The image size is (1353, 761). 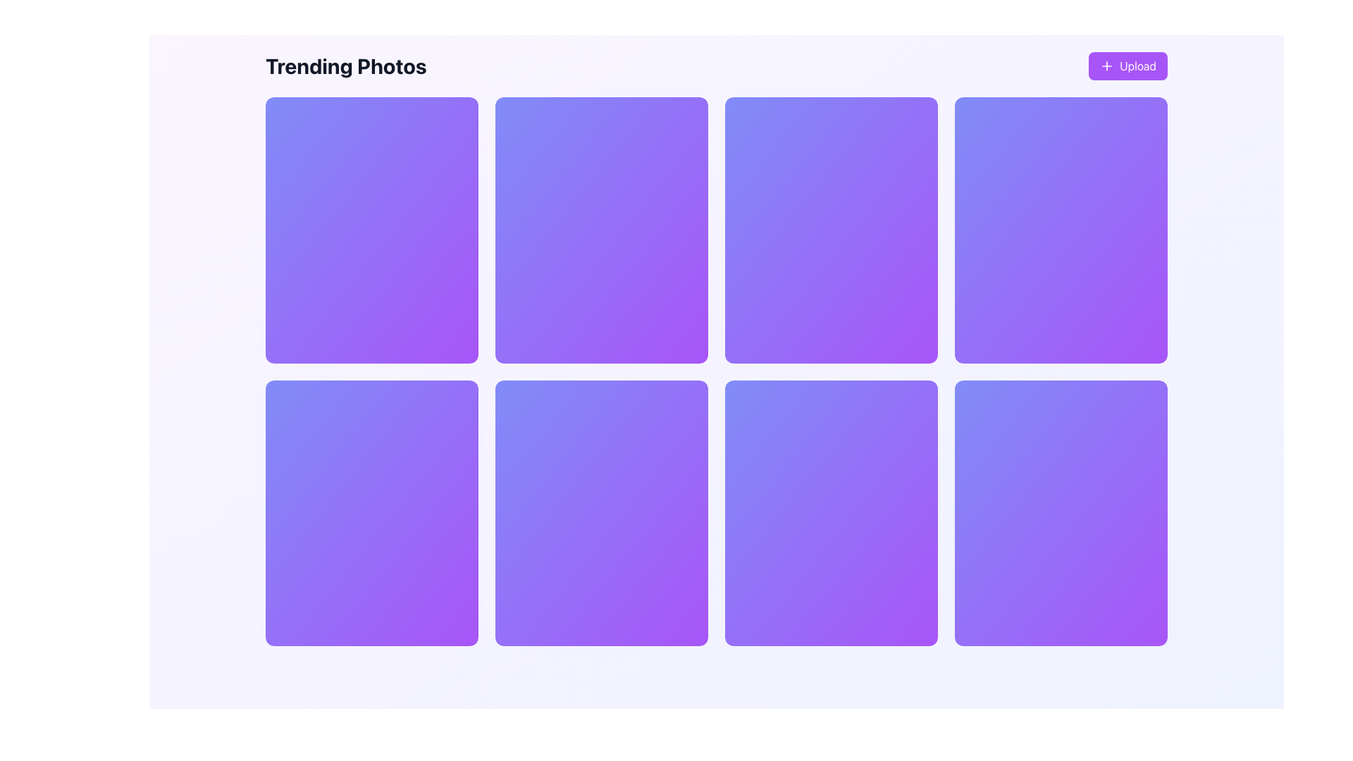 What do you see at coordinates (832, 229) in the screenshot?
I see `the vertical rectangular card with rounded corners and a gradient background transitioning from indigo to purple located in the first row and third column of the grid` at bounding box center [832, 229].